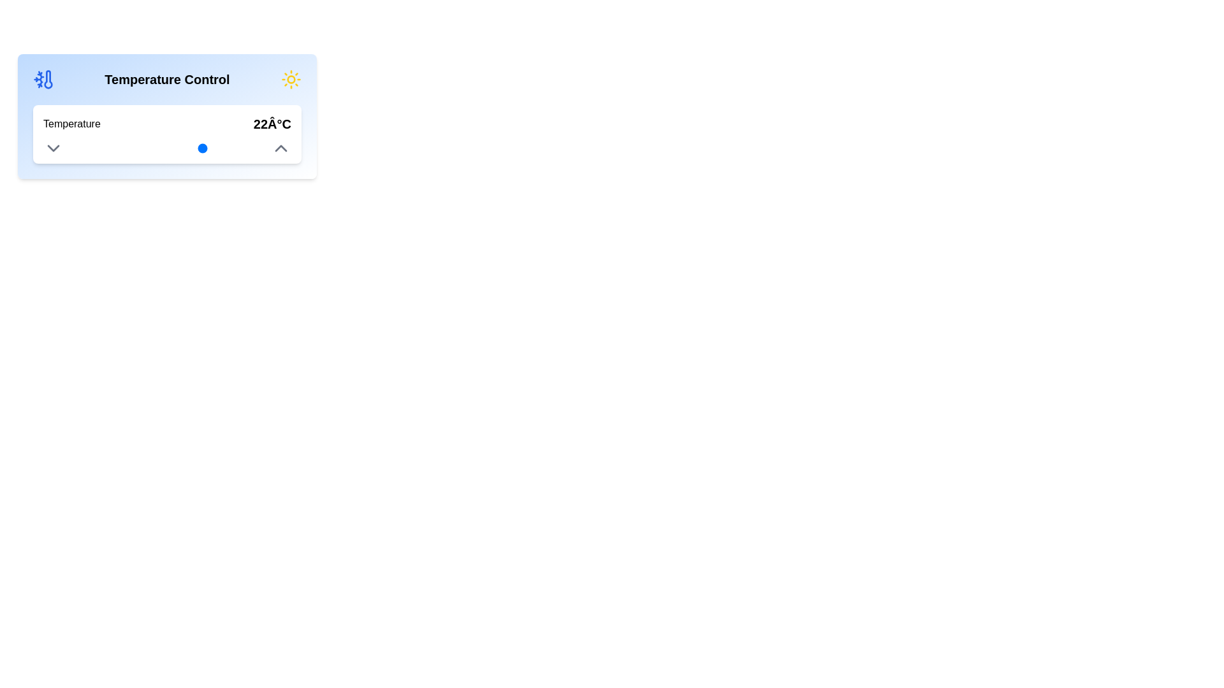 This screenshot has width=1224, height=688. What do you see at coordinates (157, 147) in the screenshot?
I see `the temperature` at bounding box center [157, 147].